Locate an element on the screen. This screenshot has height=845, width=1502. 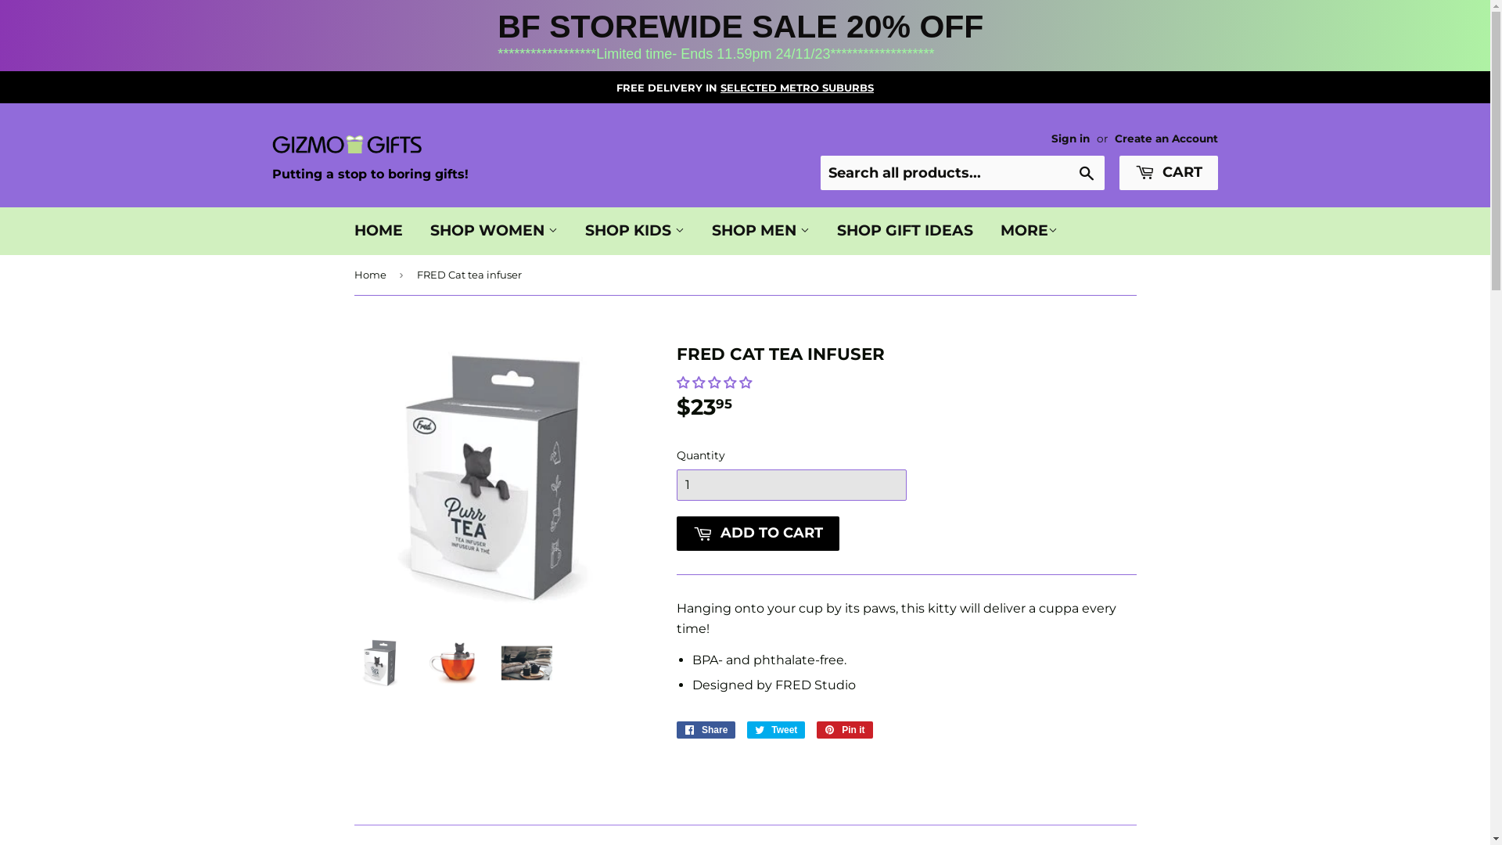
'Create an Account' is located at coordinates (1166, 138).